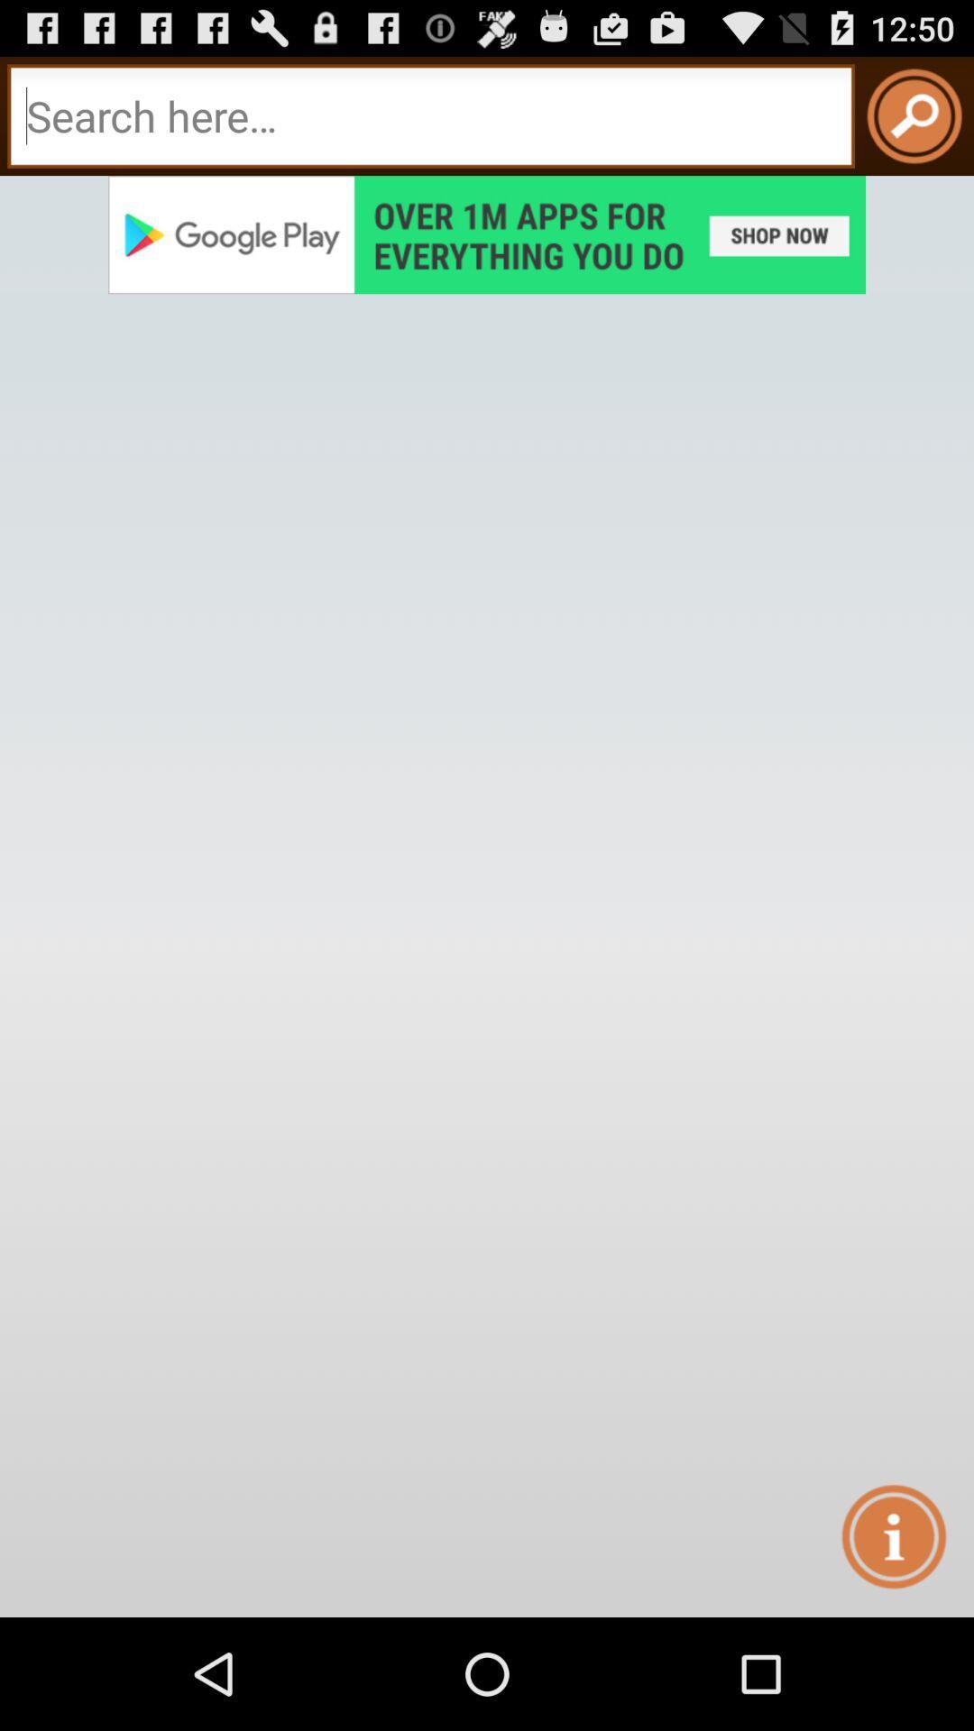  Describe the element at coordinates (893, 1644) in the screenshot. I see `the info icon` at that location.